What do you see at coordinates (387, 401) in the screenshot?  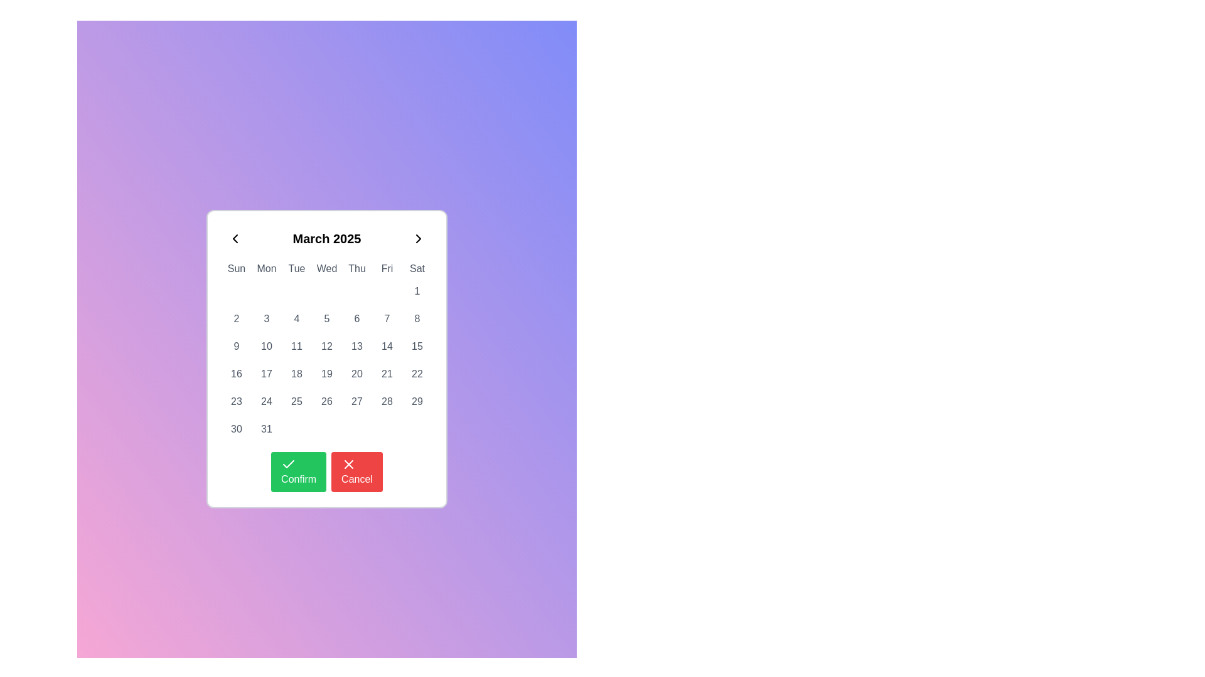 I see `the button displaying the number '28' in the calendar grid` at bounding box center [387, 401].